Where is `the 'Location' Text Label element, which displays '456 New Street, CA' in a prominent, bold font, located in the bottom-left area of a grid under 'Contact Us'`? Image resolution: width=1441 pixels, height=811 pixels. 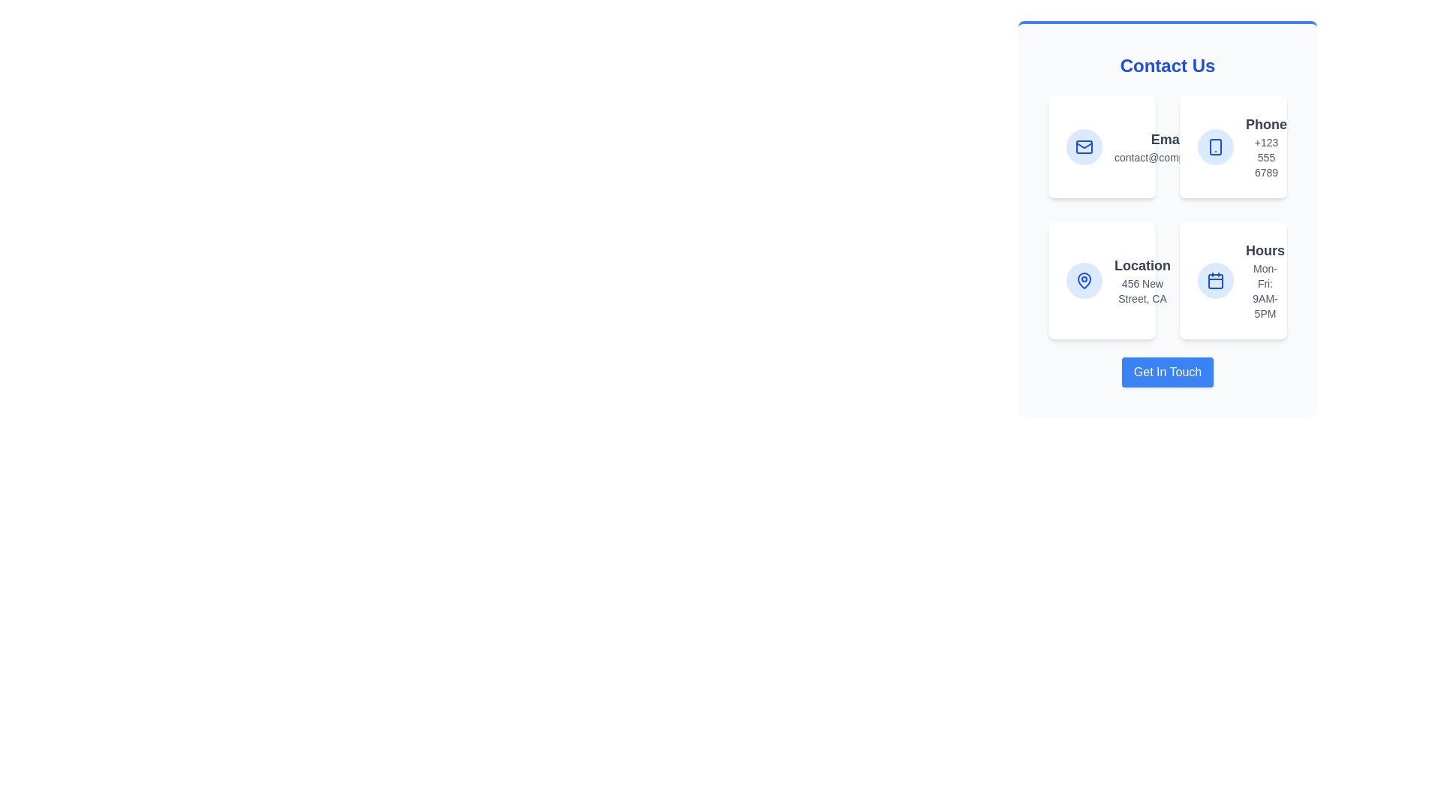 the 'Location' Text Label element, which displays '456 New Street, CA' in a prominent, bold font, located in the bottom-left area of a grid under 'Contact Us' is located at coordinates (1142, 281).